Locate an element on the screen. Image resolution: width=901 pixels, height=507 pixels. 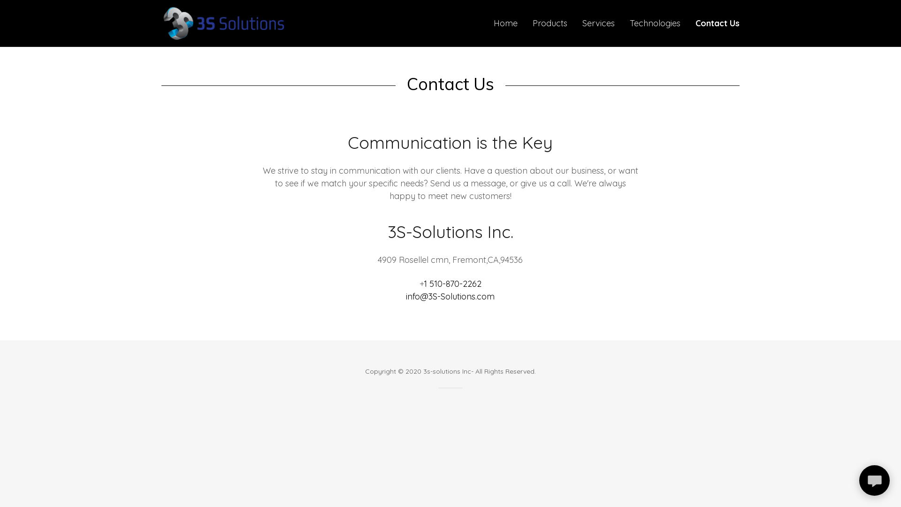
'Contact Us' is located at coordinates (717, 23).